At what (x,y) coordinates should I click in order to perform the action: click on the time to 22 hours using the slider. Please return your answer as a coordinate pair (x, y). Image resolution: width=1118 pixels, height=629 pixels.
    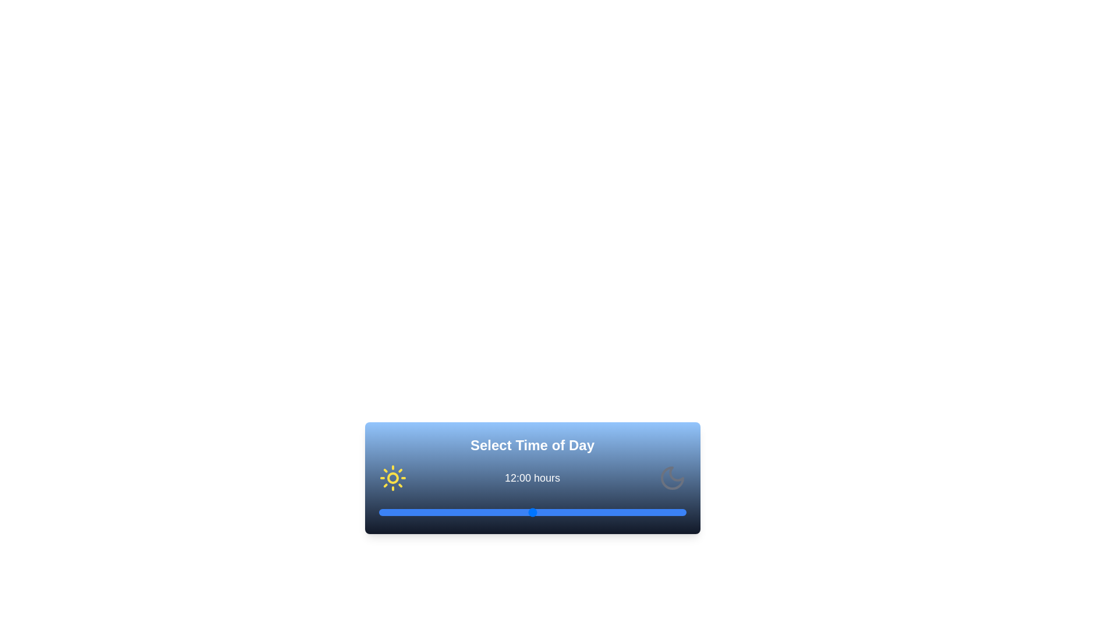
    Looking at the image, I should click on (660, 511).